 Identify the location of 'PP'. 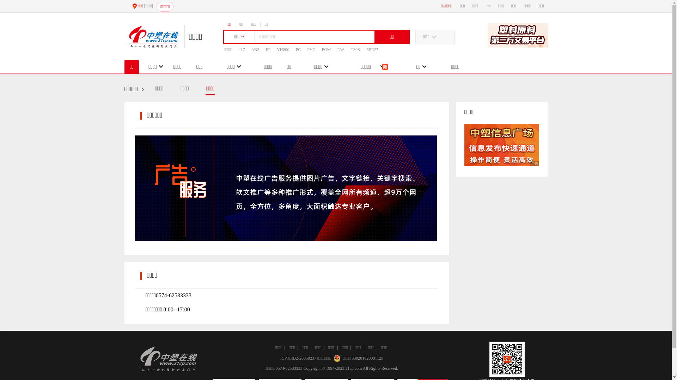
(268, 49).